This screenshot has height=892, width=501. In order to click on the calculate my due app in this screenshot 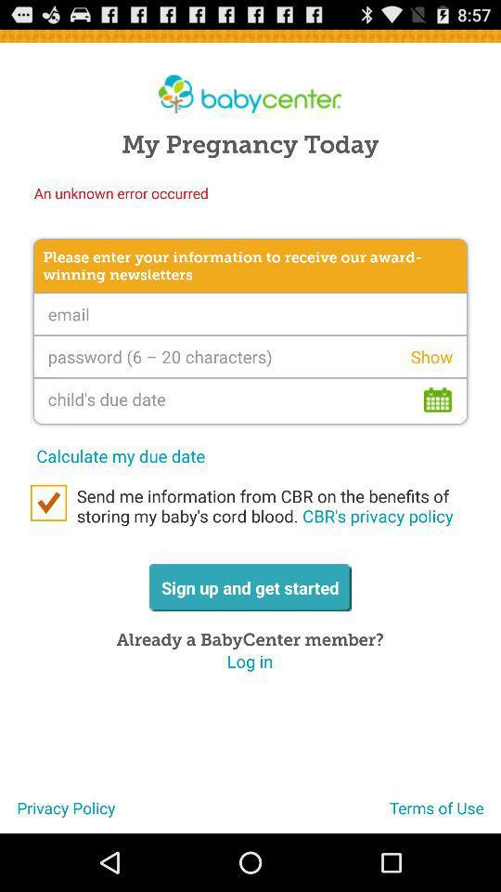, I will do `click(121, 454)`.